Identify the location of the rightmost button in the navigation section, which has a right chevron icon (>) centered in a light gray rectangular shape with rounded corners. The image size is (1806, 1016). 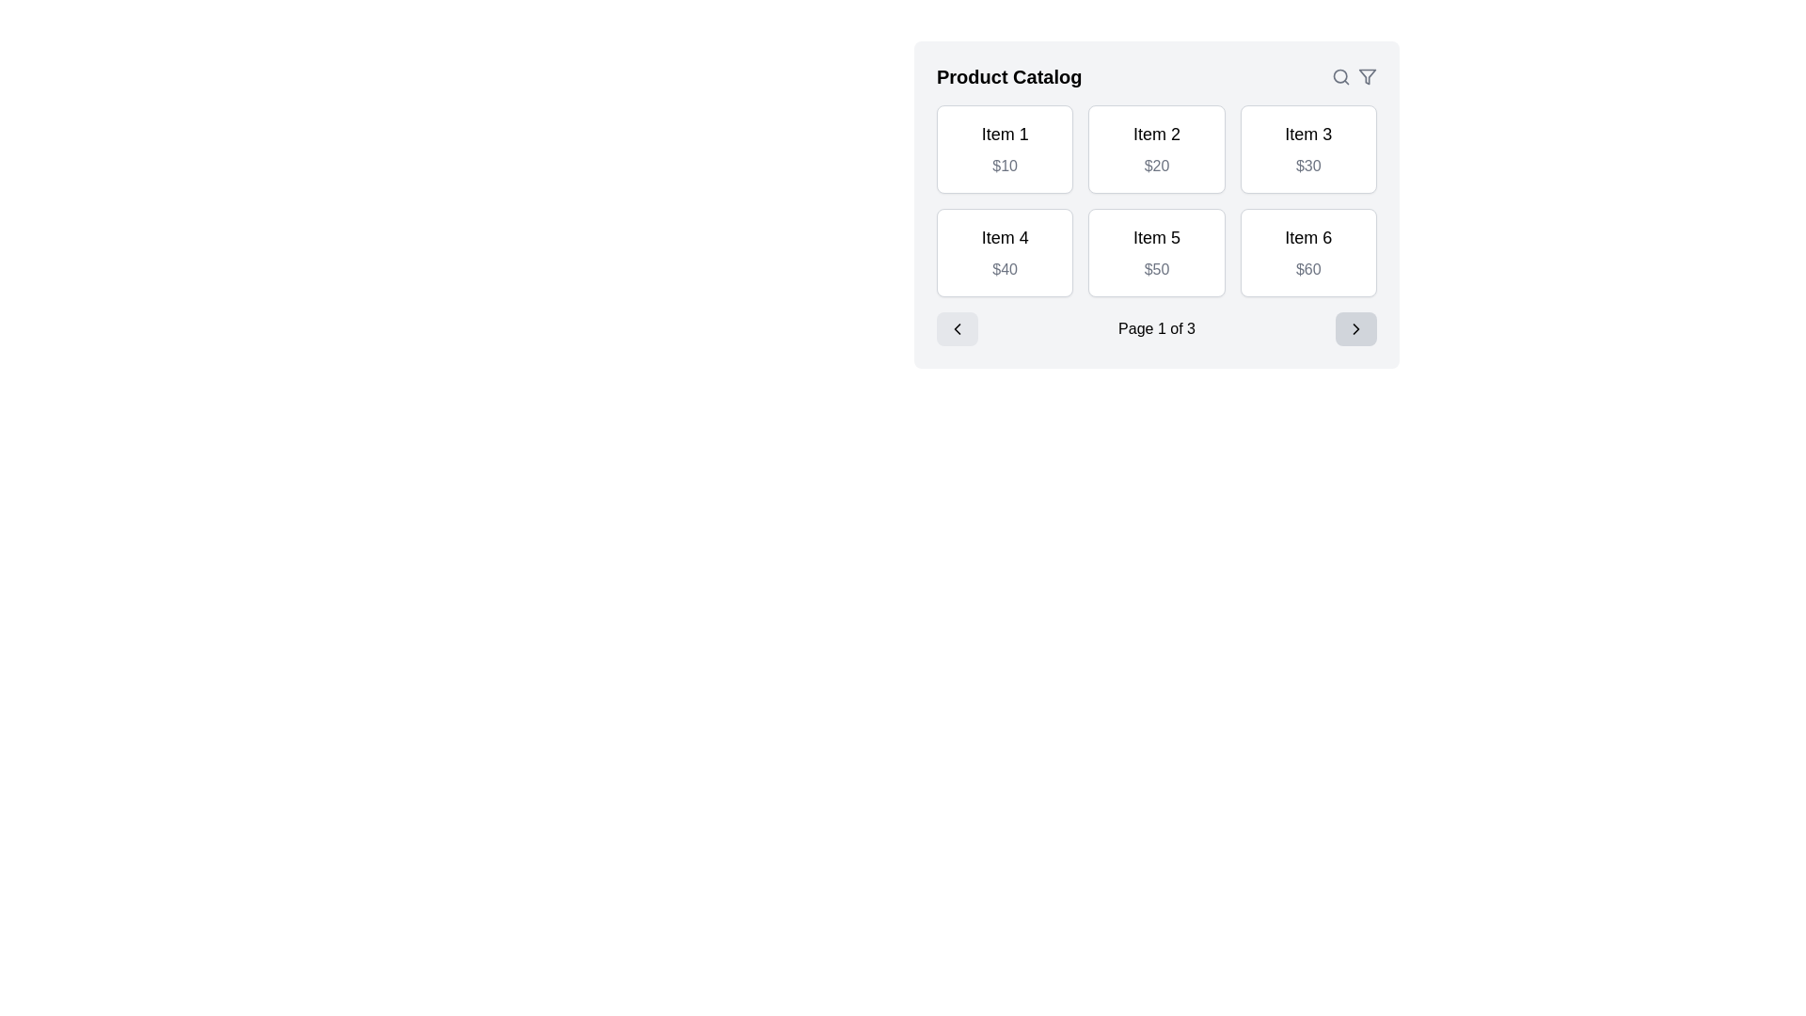
(1355, 328).